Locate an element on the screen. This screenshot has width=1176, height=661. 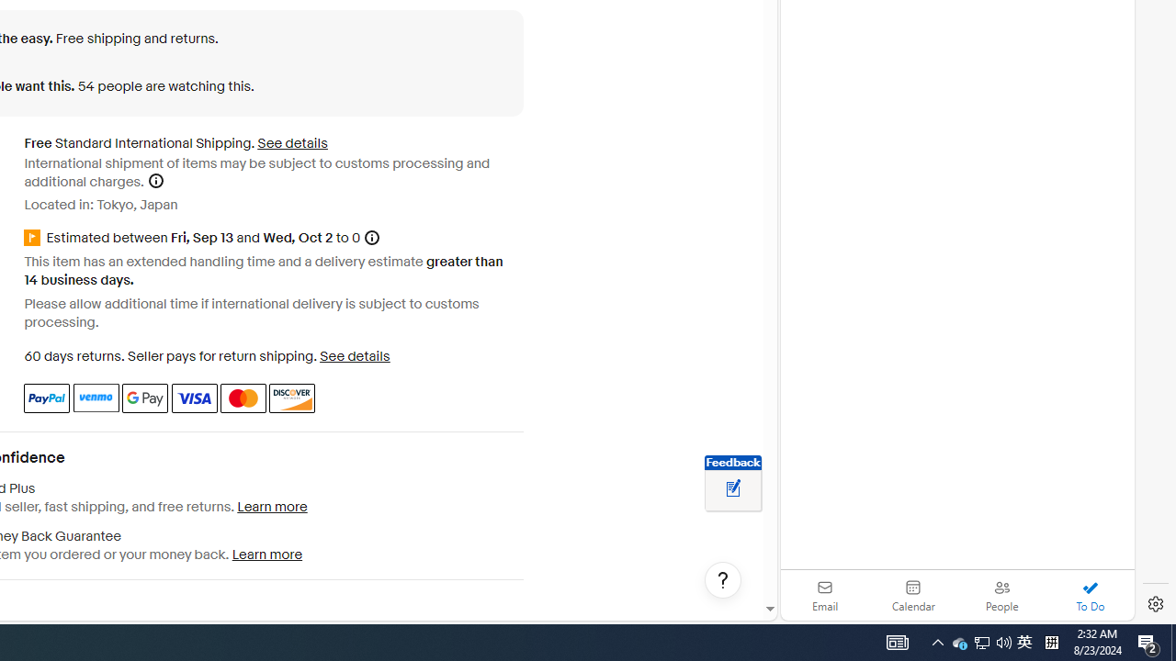
'Google Pay' is located at coordinates (144, 397).